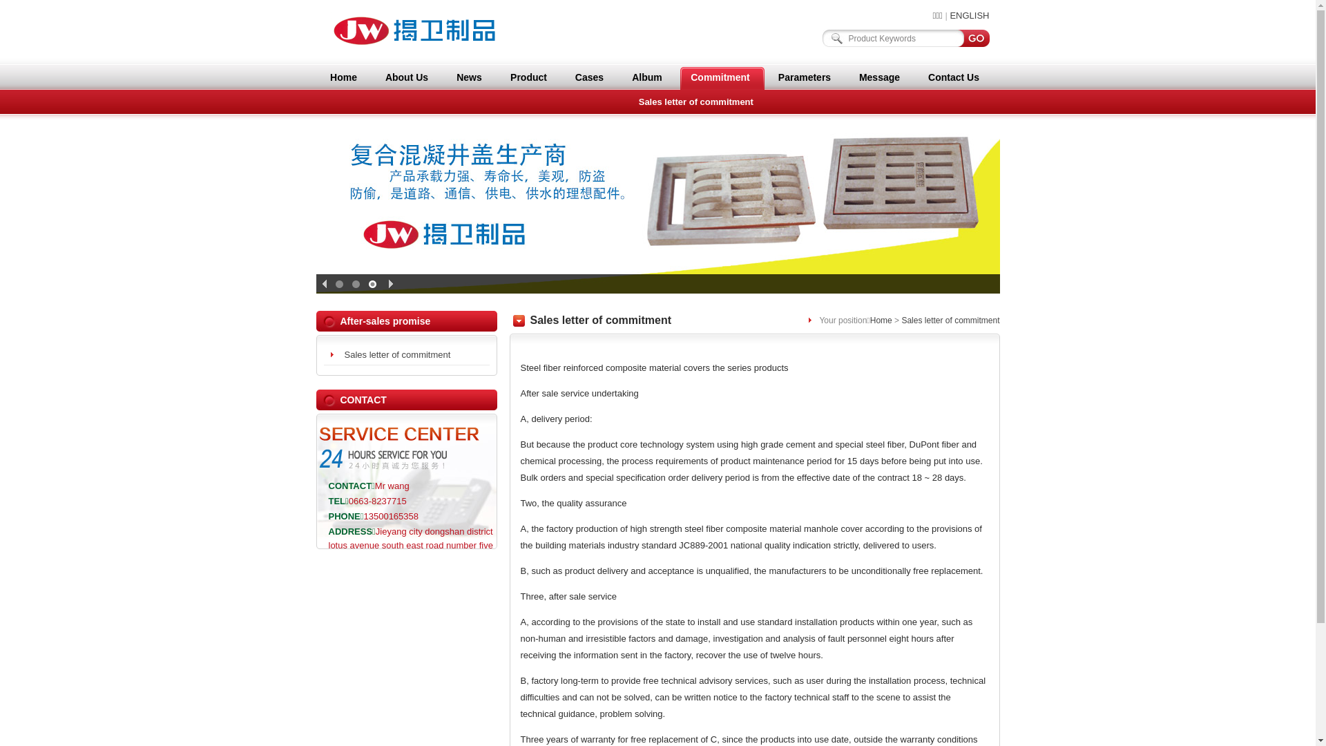  What do you see at coordinates (528, 77) in the screenshot?
I see `'Product'` at bounding box center [528, 77].